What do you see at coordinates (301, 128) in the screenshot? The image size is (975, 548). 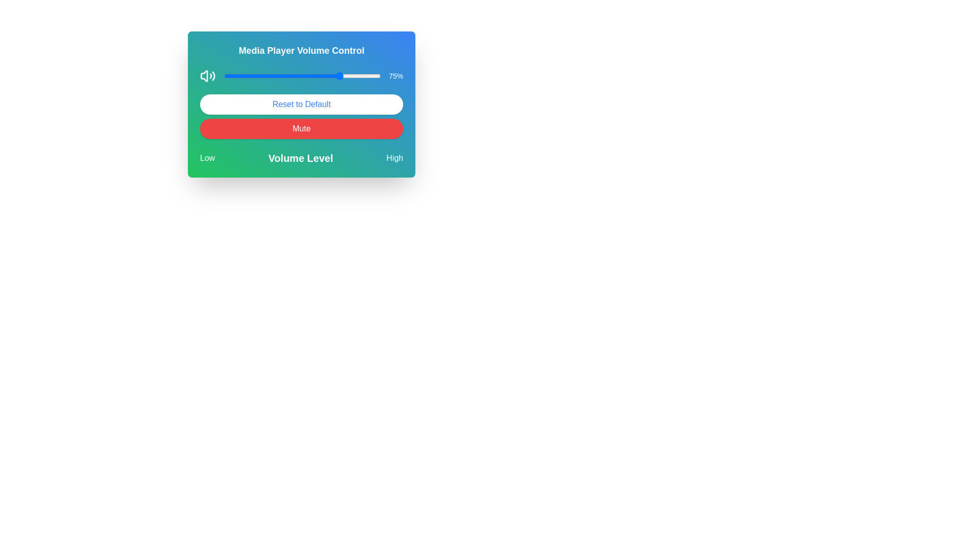 I see `the 'Mute' button, which is a red rectangular button with rounded corners and white text, located between the 'Reset to Default' button and the 'Volume Level' text section` at bounding box center [301, 128].